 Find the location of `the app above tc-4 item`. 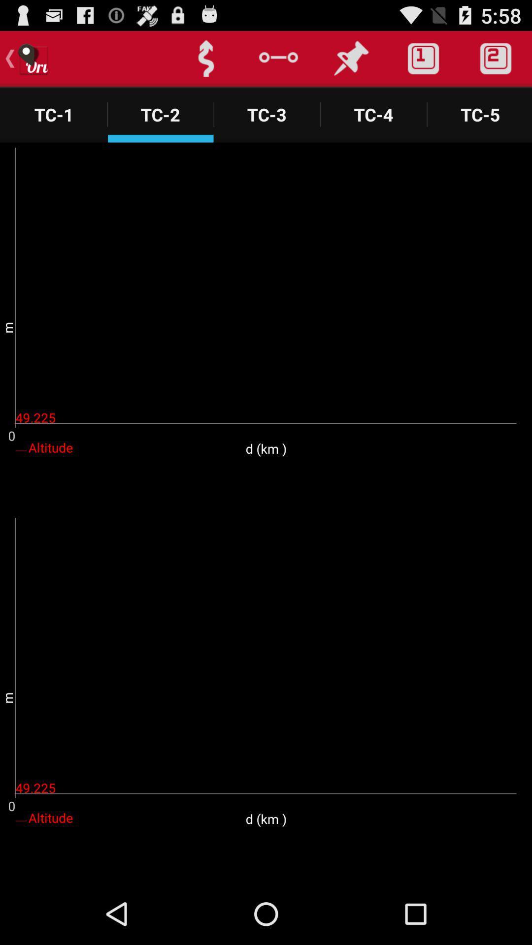

the app above tc-4 item is located at coordinates (350, 58).